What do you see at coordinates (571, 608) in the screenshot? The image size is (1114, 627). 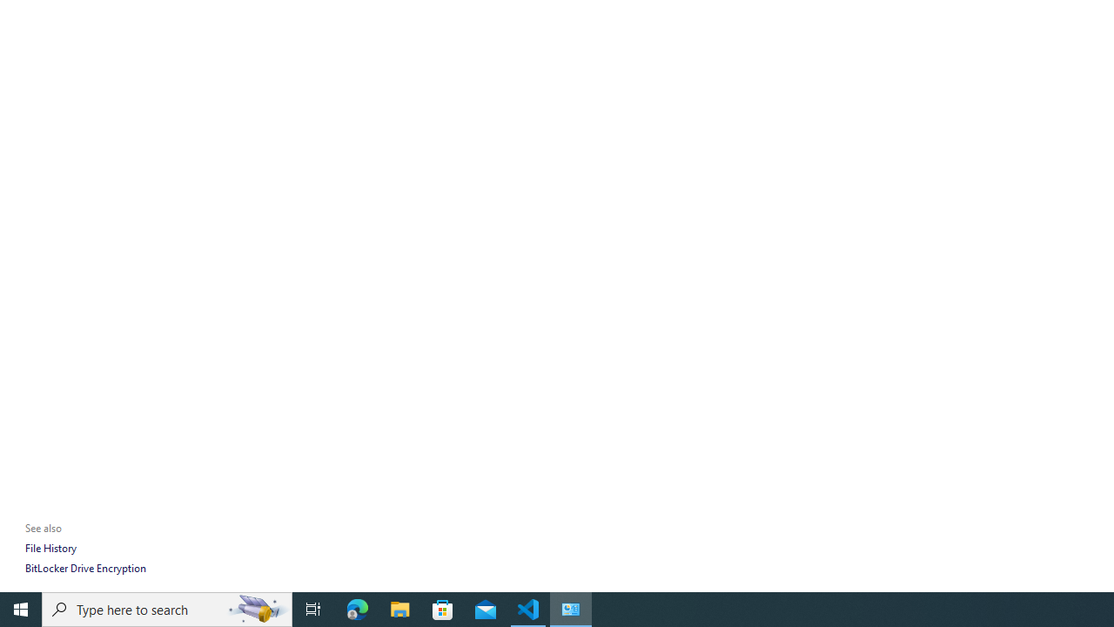 I see `'Control Panel - 1 running window'` at bounding box center [571, 608].